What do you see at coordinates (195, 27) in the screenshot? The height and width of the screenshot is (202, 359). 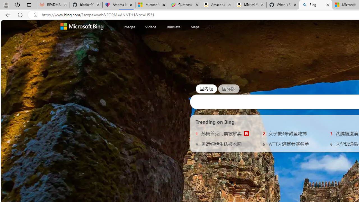 I see `'Maps'` at bounding box center [195, 27].